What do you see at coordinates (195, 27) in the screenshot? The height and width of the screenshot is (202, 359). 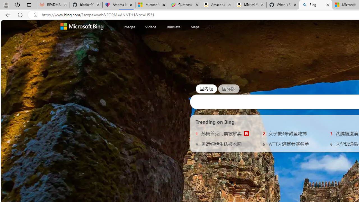 I see `'Maps'` at bounding box center [195, 27].